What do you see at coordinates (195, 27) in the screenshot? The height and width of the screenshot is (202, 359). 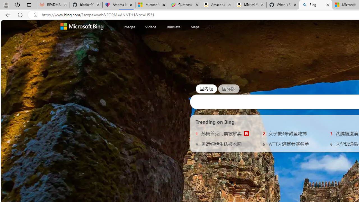 I see `'Maps'` at bounding box center [195, 27].